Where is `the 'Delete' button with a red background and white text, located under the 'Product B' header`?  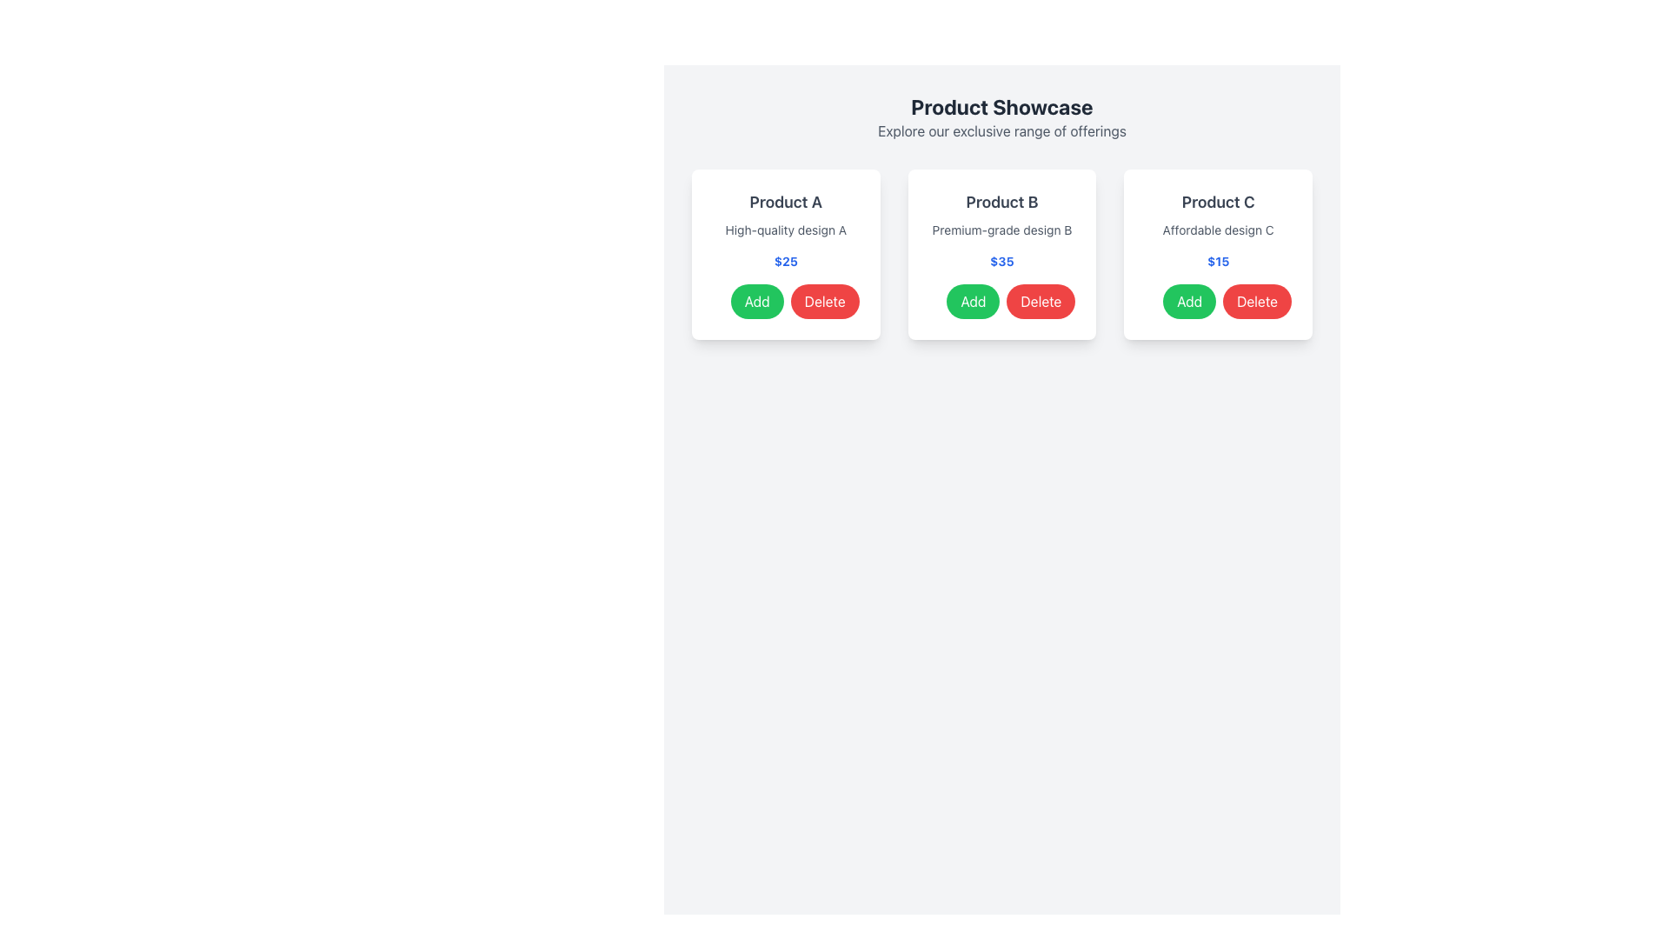
the 'Delete' button with a red background and white text, located under the 'Product B' header is located at coordinates (1041, 301).